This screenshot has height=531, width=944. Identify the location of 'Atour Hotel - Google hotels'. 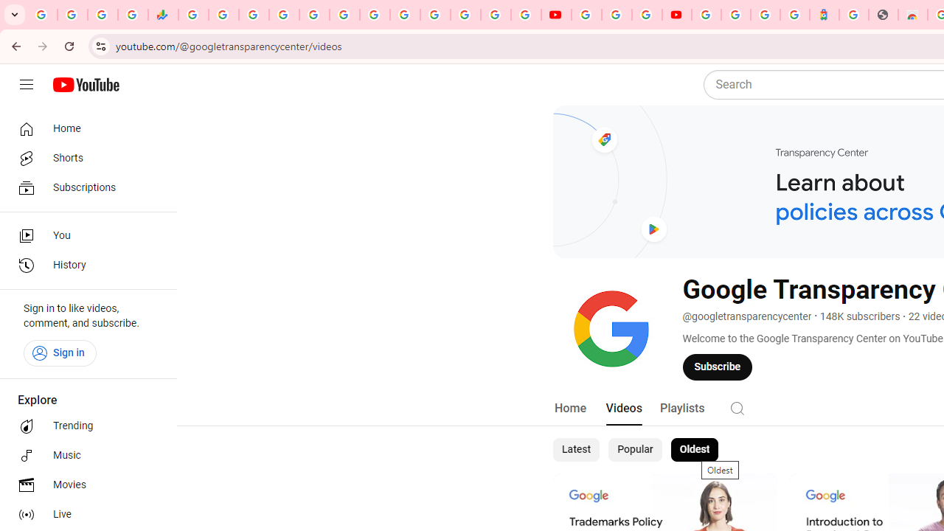
(824, 15).